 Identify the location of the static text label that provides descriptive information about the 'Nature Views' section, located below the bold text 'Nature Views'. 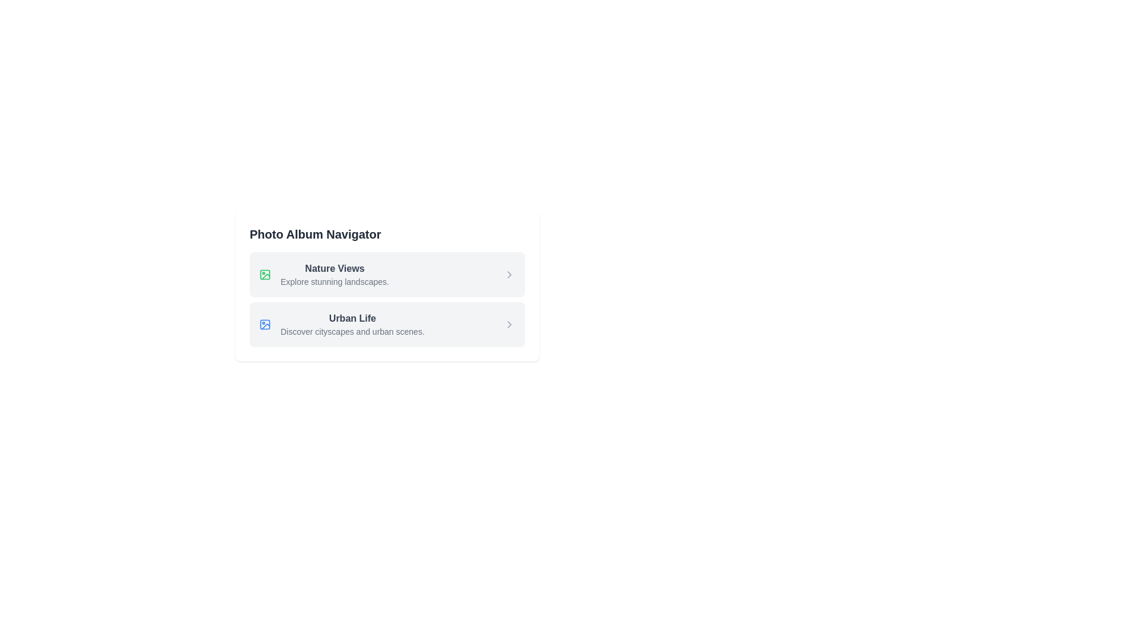
(334, 281).